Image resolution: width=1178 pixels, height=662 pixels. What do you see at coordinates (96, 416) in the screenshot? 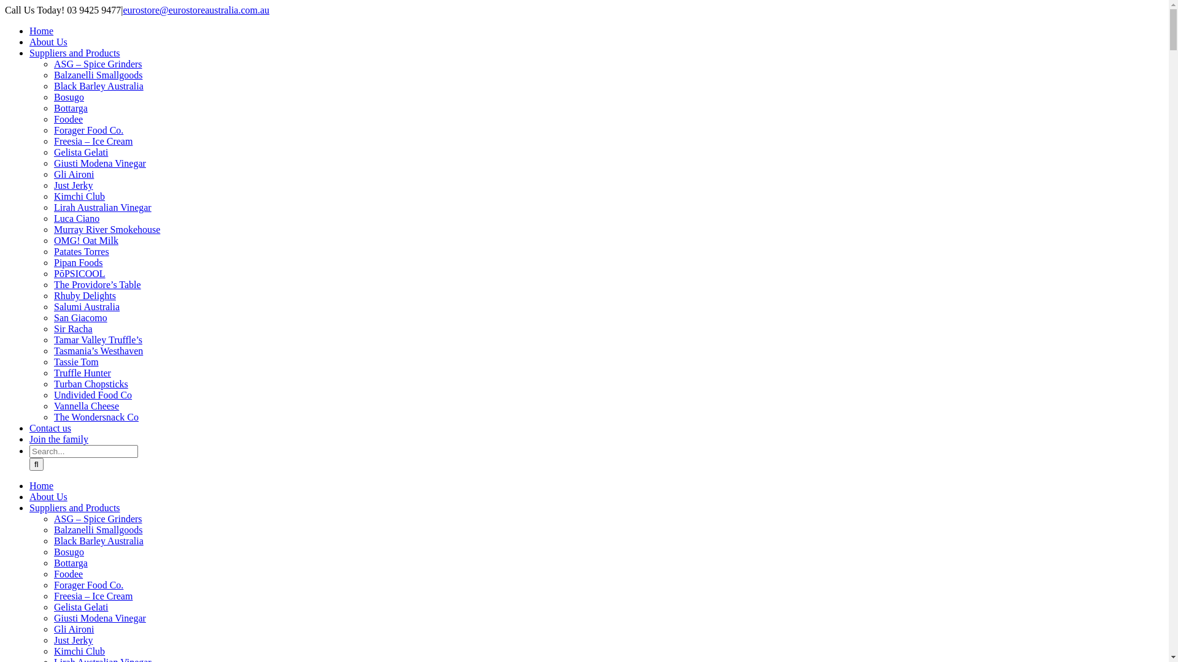
I see `'The Wondersnack Co'` at bounding box center [96, 416].